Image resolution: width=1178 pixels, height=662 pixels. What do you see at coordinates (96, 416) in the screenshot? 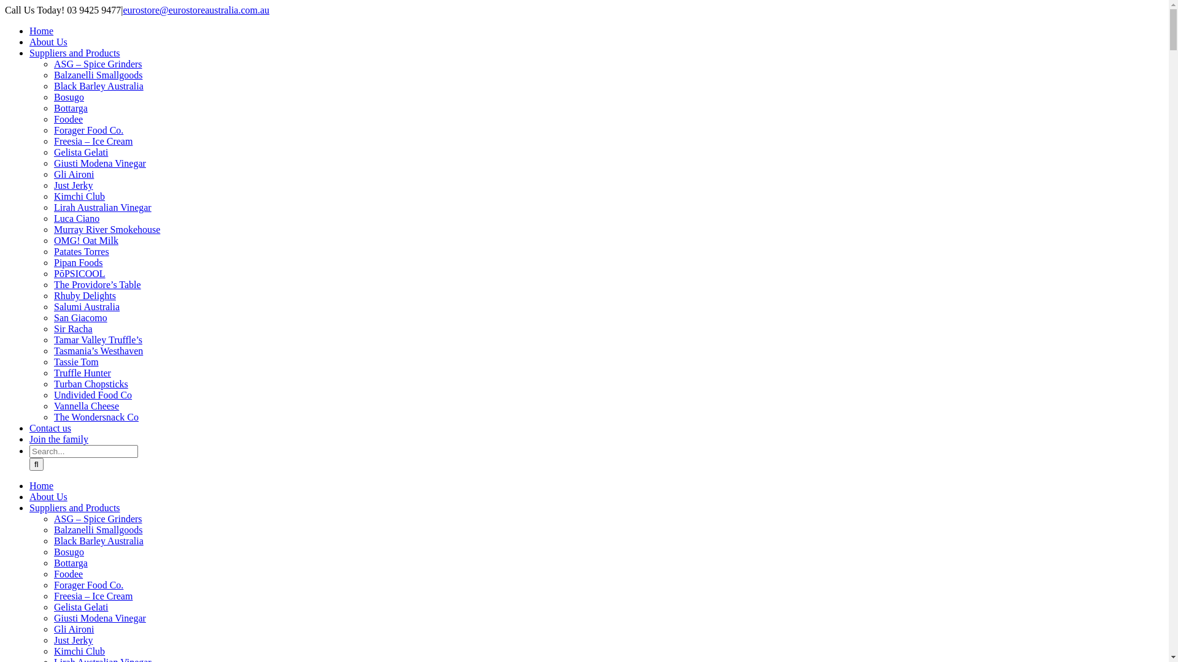
I see `'The Wondersnack Co'` at bounding box center [96, 416].